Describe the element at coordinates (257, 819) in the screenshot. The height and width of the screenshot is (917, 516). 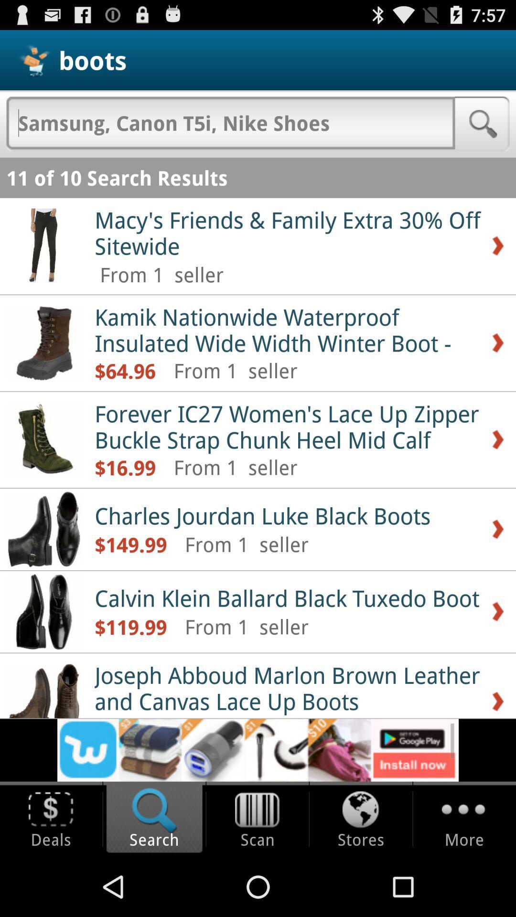
I see `the scan icon which is next to search icon at the bottom of the page` at that location.